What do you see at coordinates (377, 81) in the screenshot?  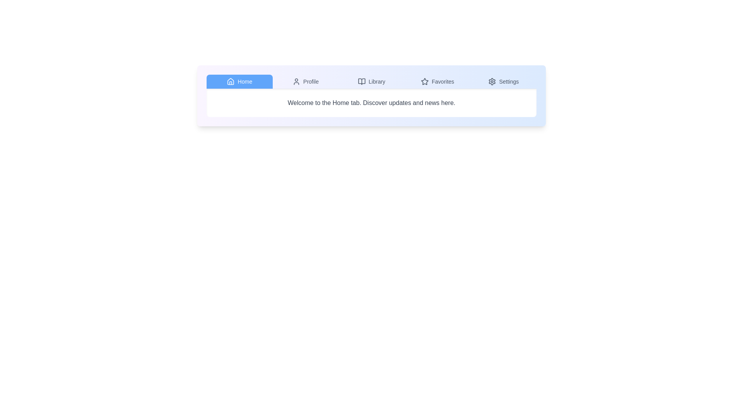 I see `the 'Library' text label in the top navigation bar to use its associated functionality` at bounding box center [377, 81].